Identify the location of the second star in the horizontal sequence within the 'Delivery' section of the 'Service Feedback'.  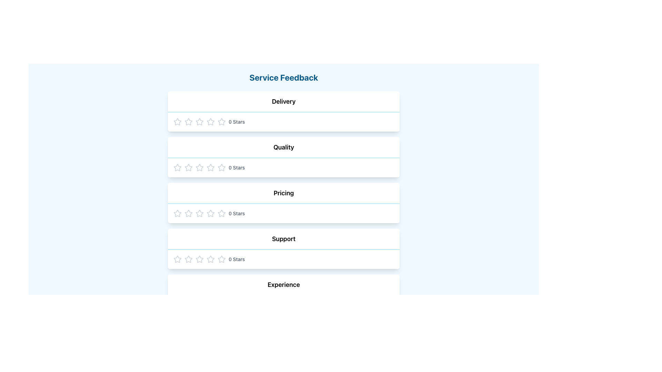
(210, 121).